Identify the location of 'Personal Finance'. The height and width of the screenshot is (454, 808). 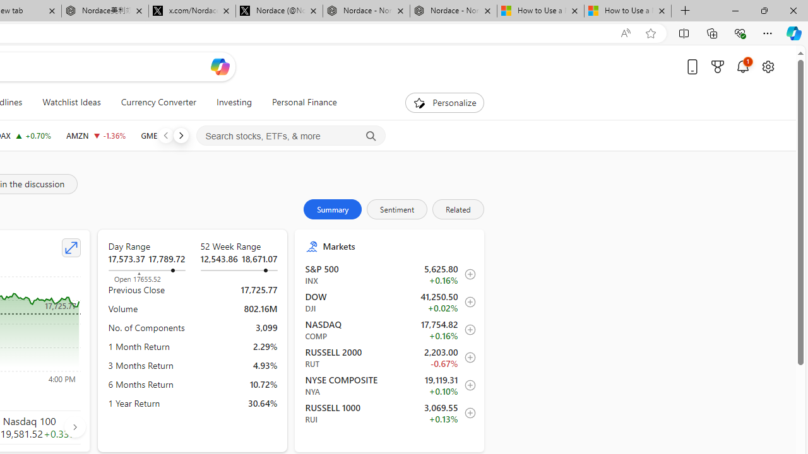
(298, 102).